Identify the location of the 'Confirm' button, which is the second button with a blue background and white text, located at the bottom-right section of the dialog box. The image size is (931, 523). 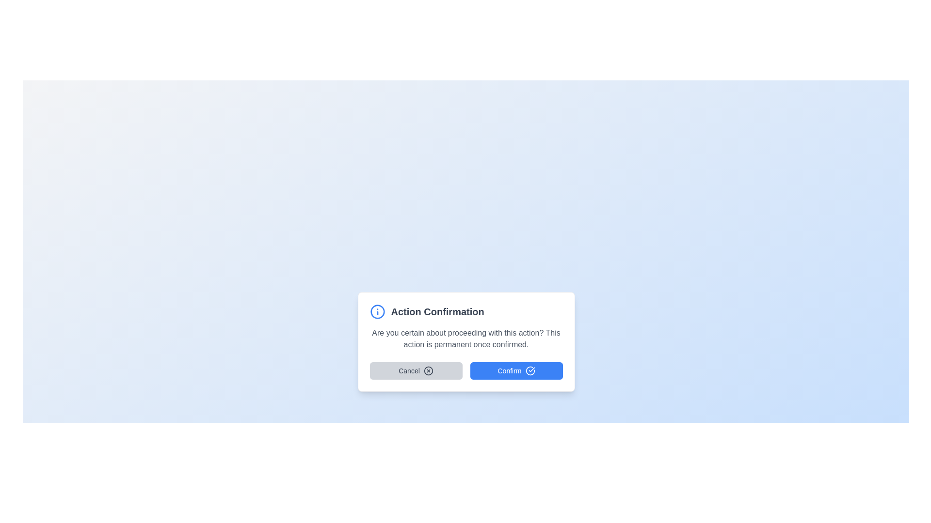
(516, 370).